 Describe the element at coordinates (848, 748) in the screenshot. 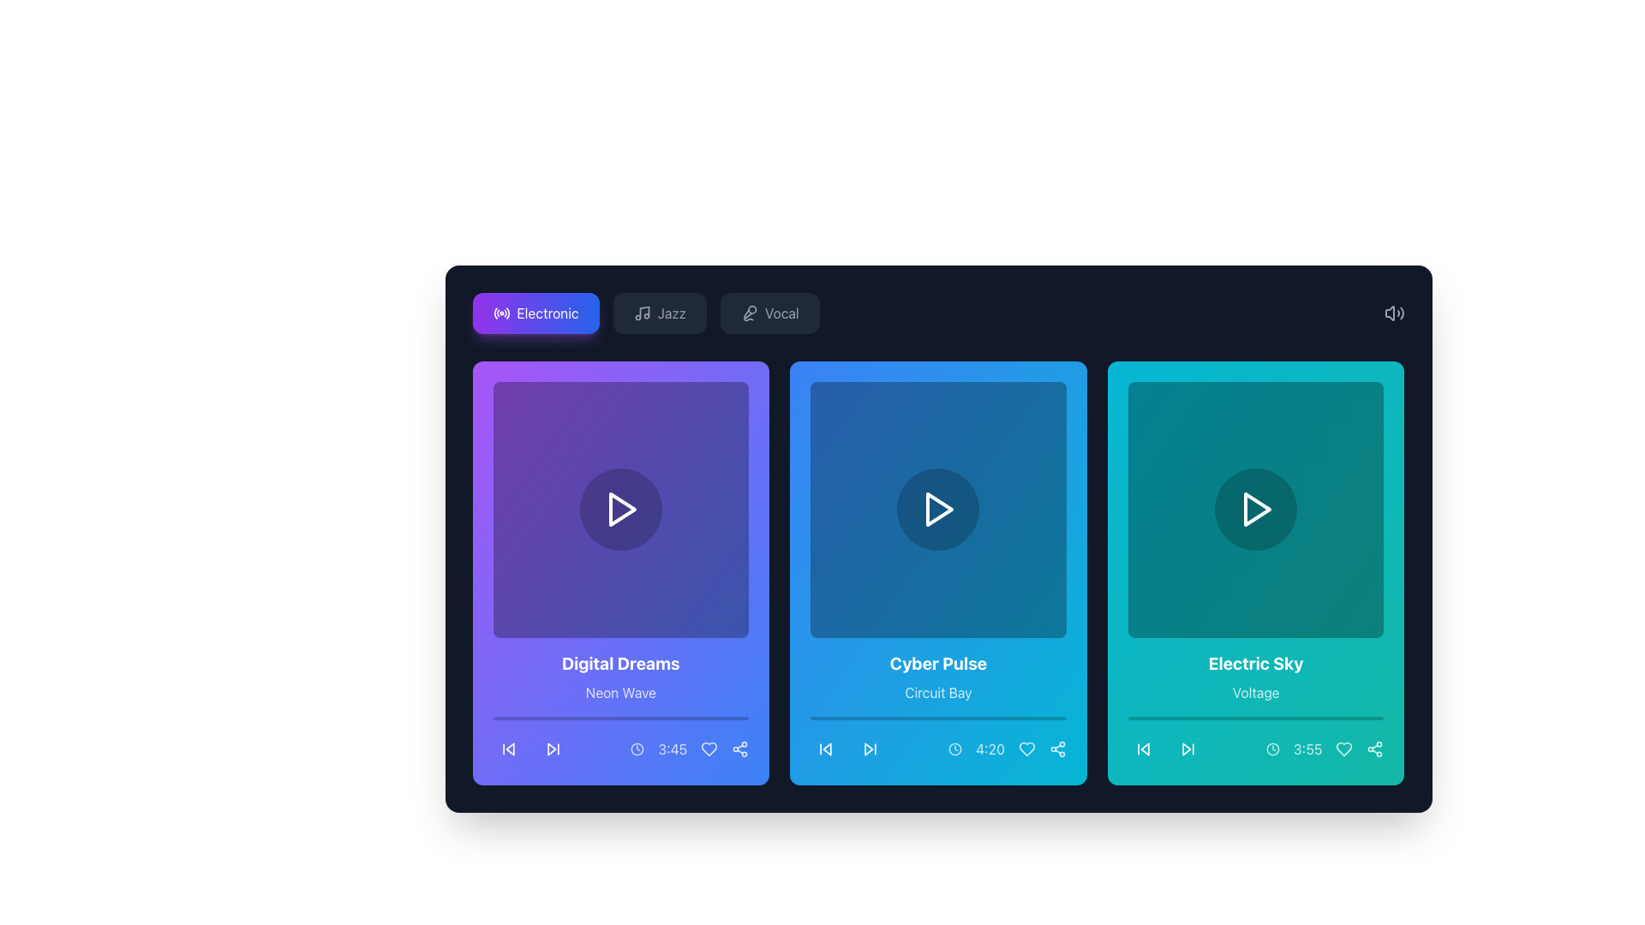

I see `the central circular dot of the navigation indicator located at the bottom center of the blue card in the second column` at that location.